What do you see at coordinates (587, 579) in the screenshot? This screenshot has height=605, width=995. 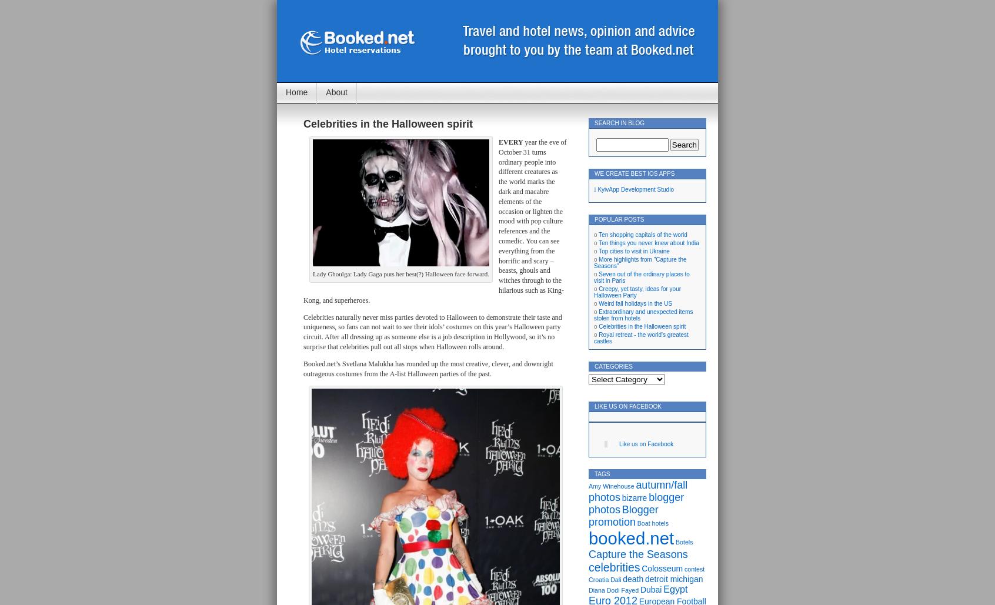 I see `'Croatia'` at bounding box center [587, 579].